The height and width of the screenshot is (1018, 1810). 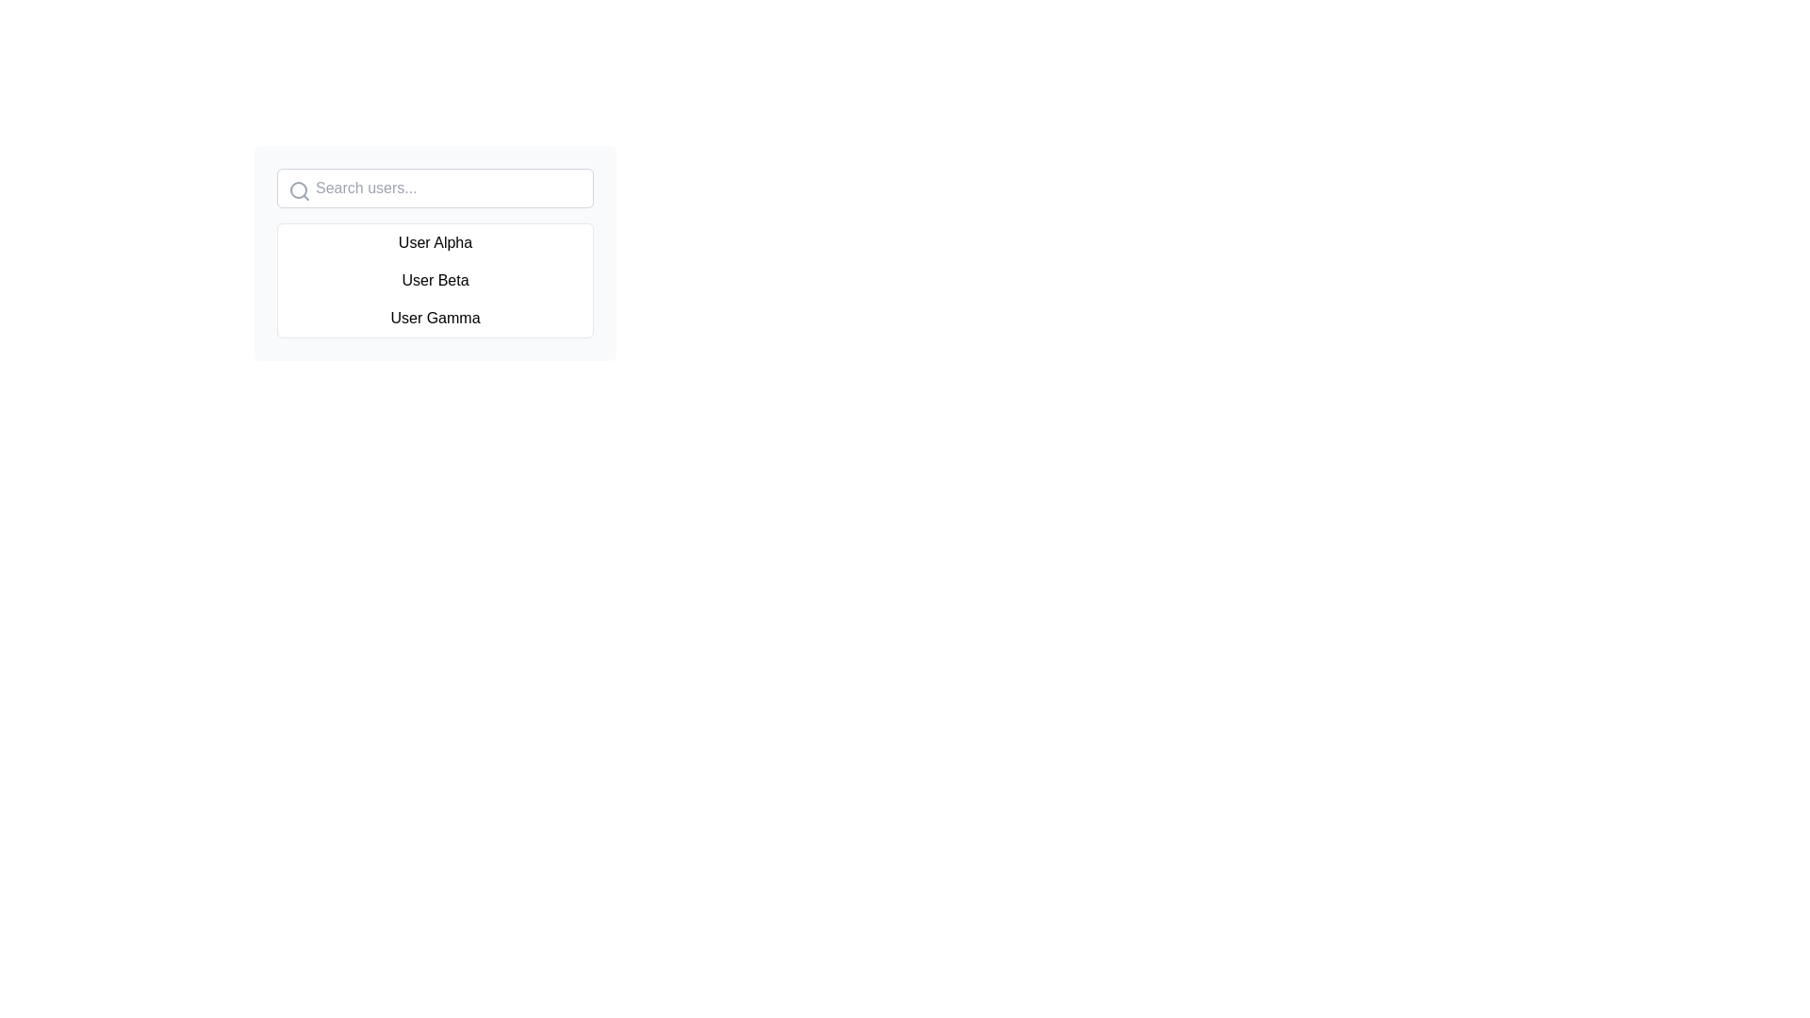 I want to click on the search icon located to the left of the 'Search users...' text input field, which indicates the search functionality, so click(x=298, y=191).